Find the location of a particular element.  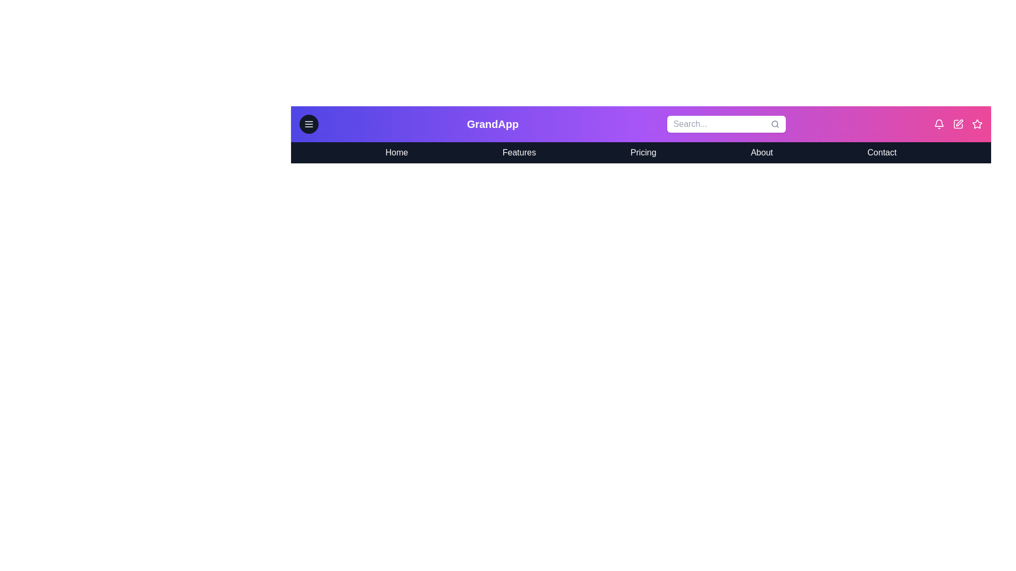

the navigation menu item labeled Pricing is located at coordinates (642, 153).